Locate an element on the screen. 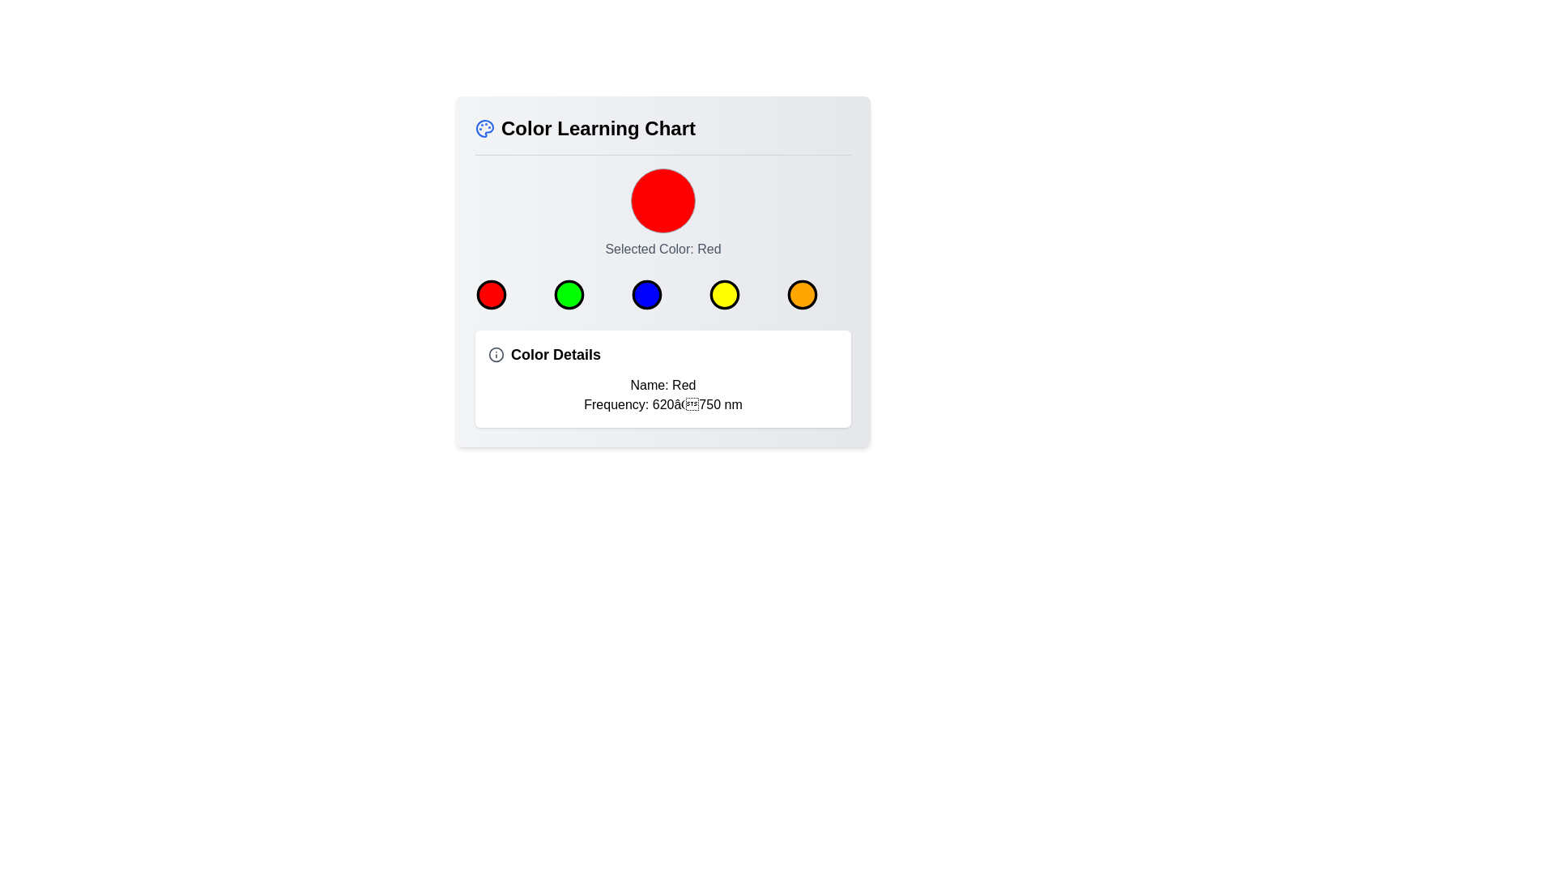  the second circle representing the color green in the color selection interface is located at coordinates (569, 294).